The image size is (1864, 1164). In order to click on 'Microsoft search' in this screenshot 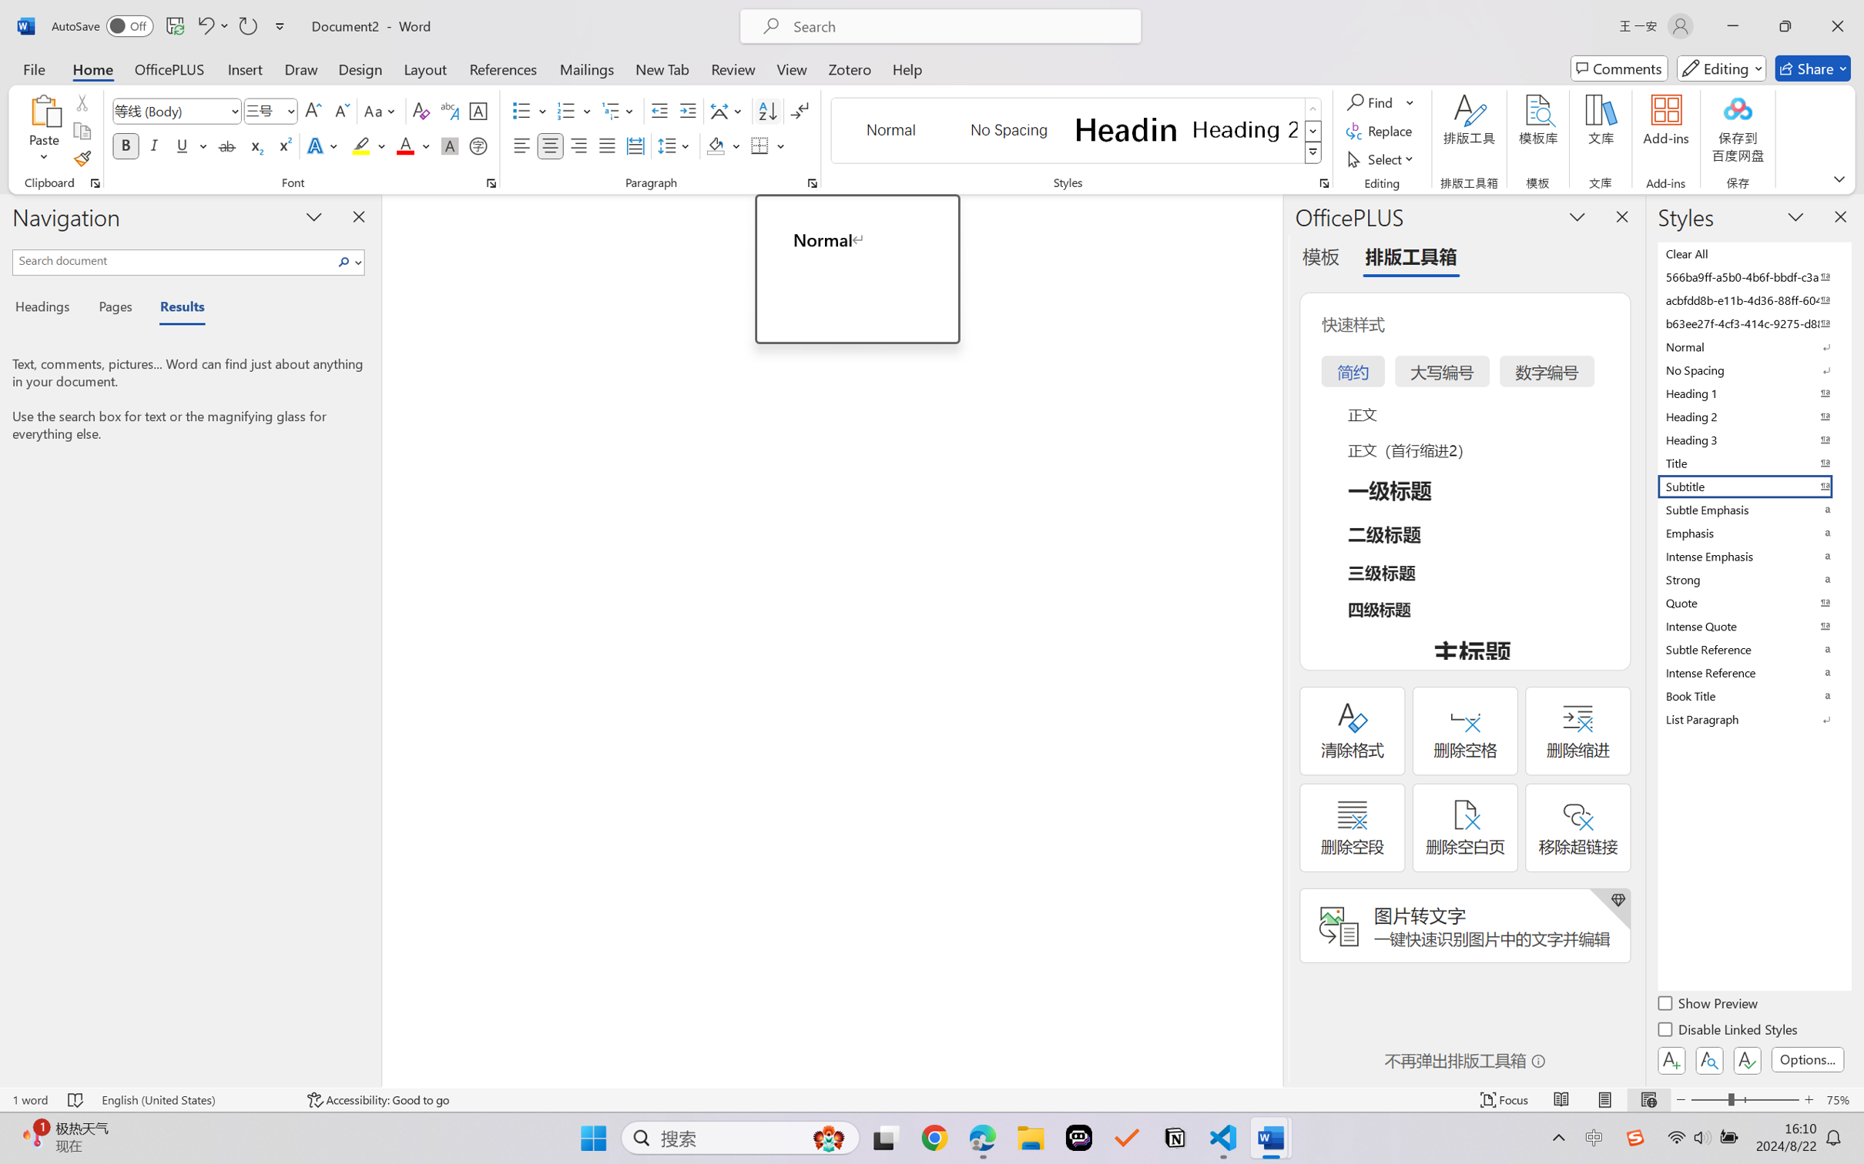, I will do `click(960, 25)`.